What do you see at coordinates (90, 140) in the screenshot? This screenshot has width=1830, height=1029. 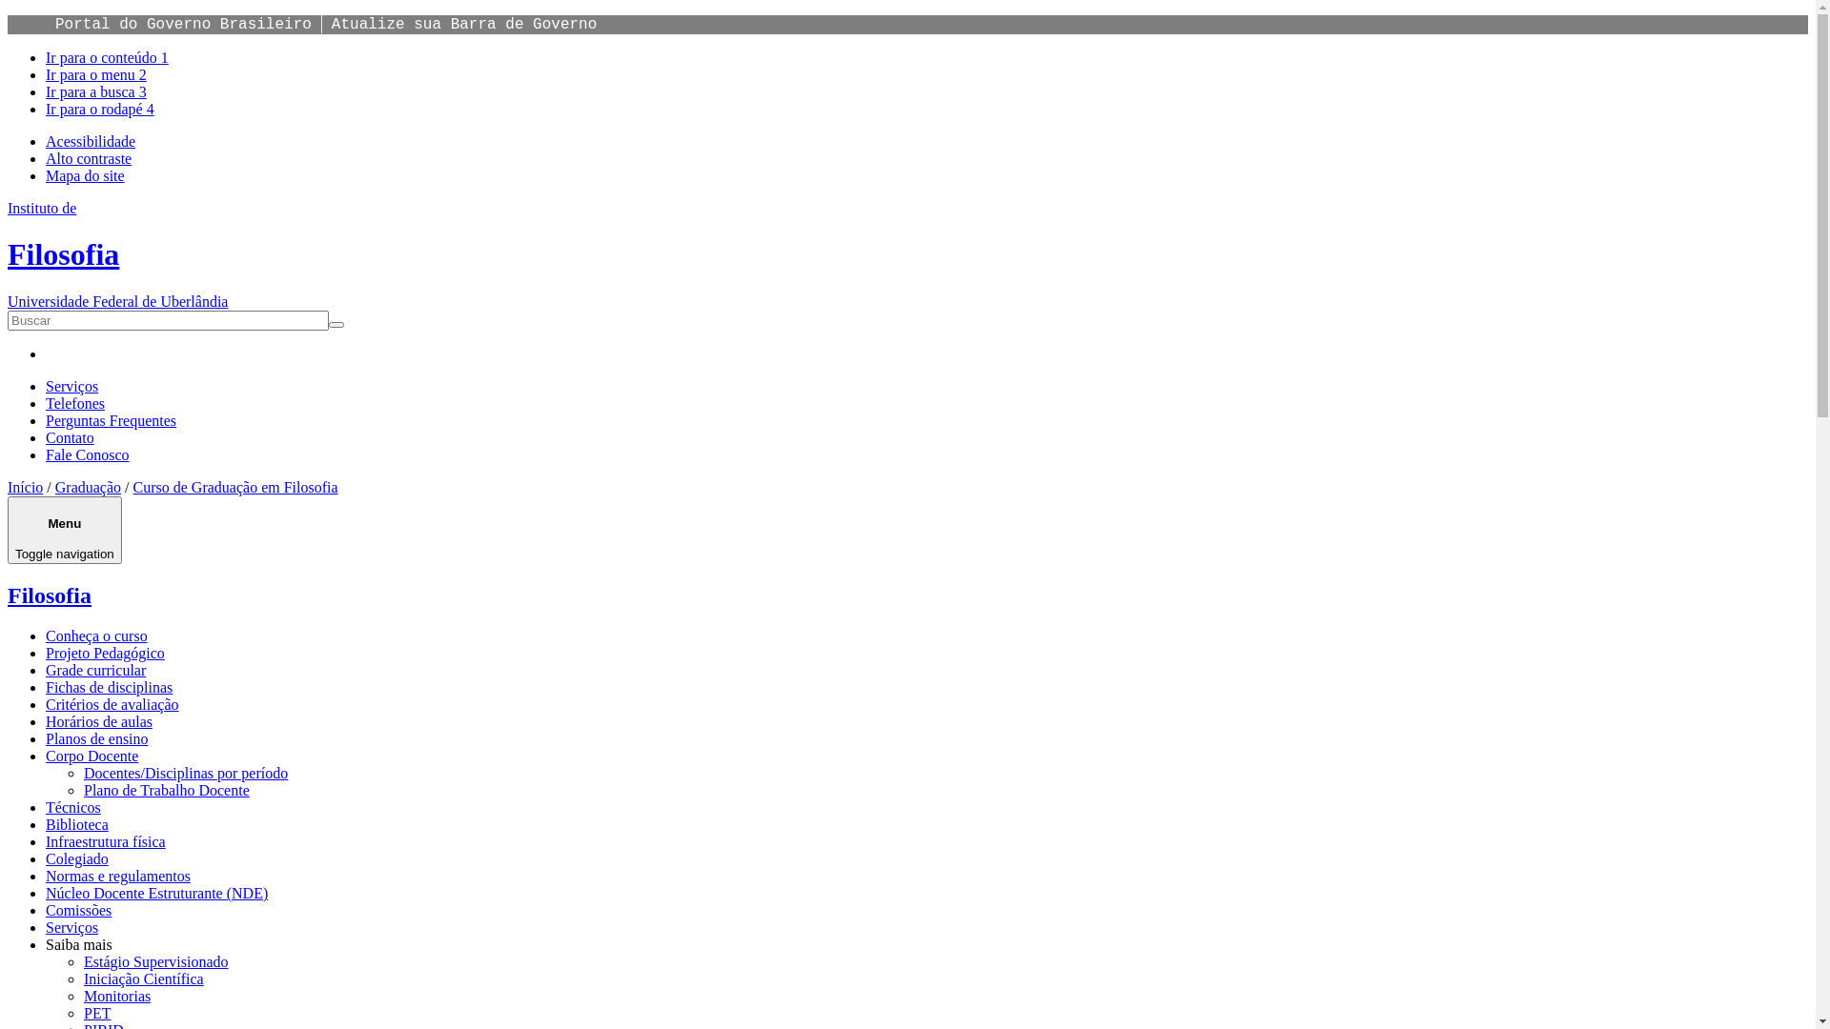 I see `'Acessibilidade'` at bounding box center [90, 140].